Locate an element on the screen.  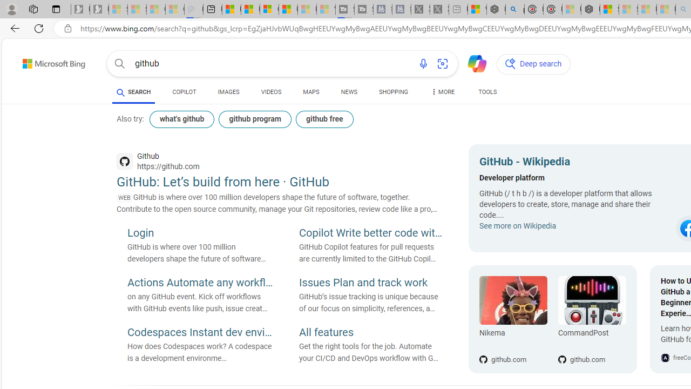
'github free' is located at coordinates (323, 119).